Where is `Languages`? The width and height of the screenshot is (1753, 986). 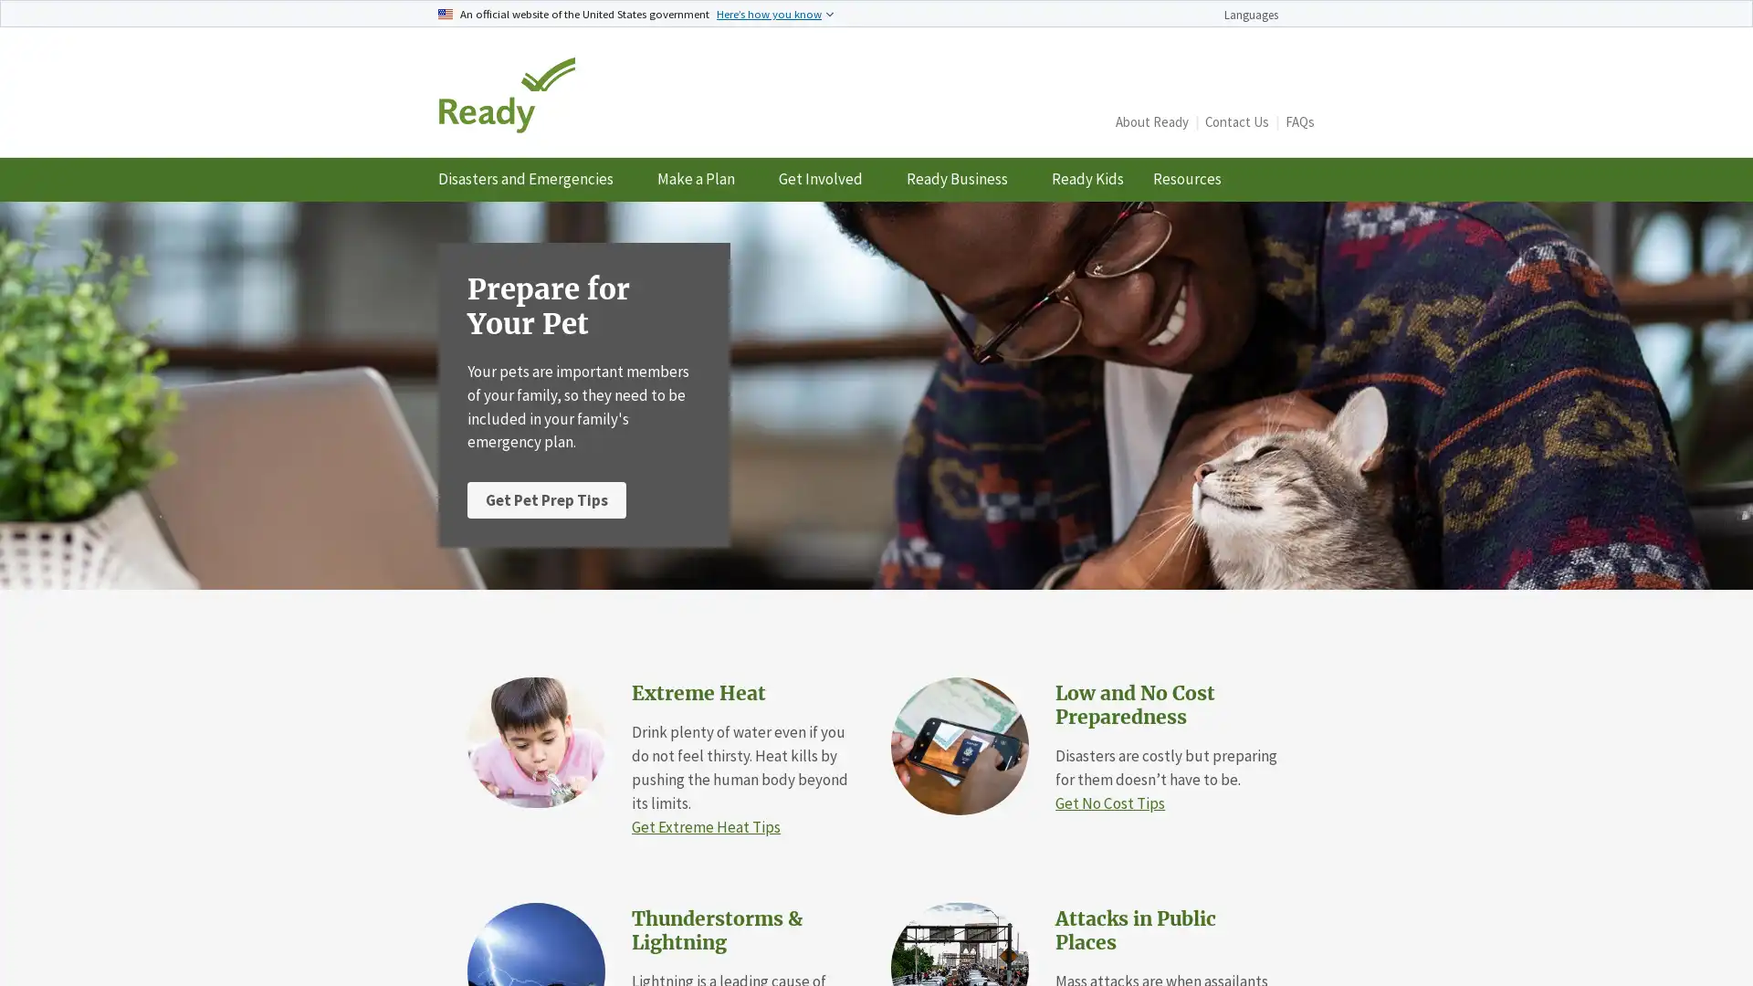 Languages is located at coordinates (1261, 15).